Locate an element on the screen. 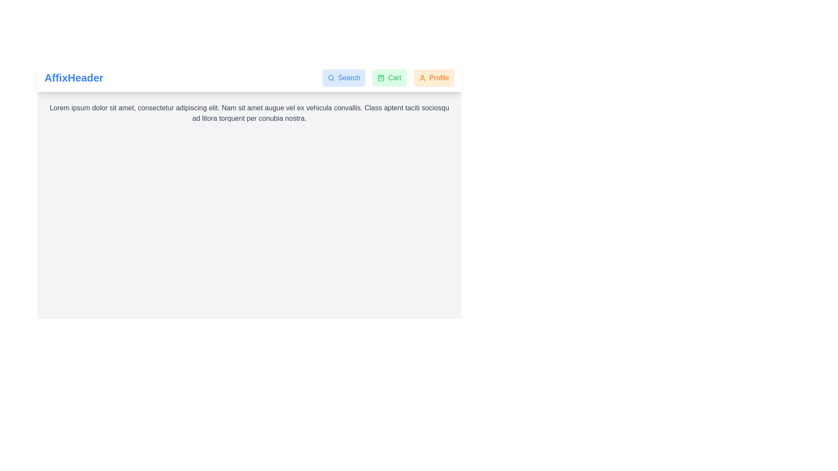 The width and height of the screenshot is (838, 471). the user profile icon, which is a small circular graphic colored in orange, located within the 'Profile' button in the top-right corner of the application interface is located at coordinates (422, 77).